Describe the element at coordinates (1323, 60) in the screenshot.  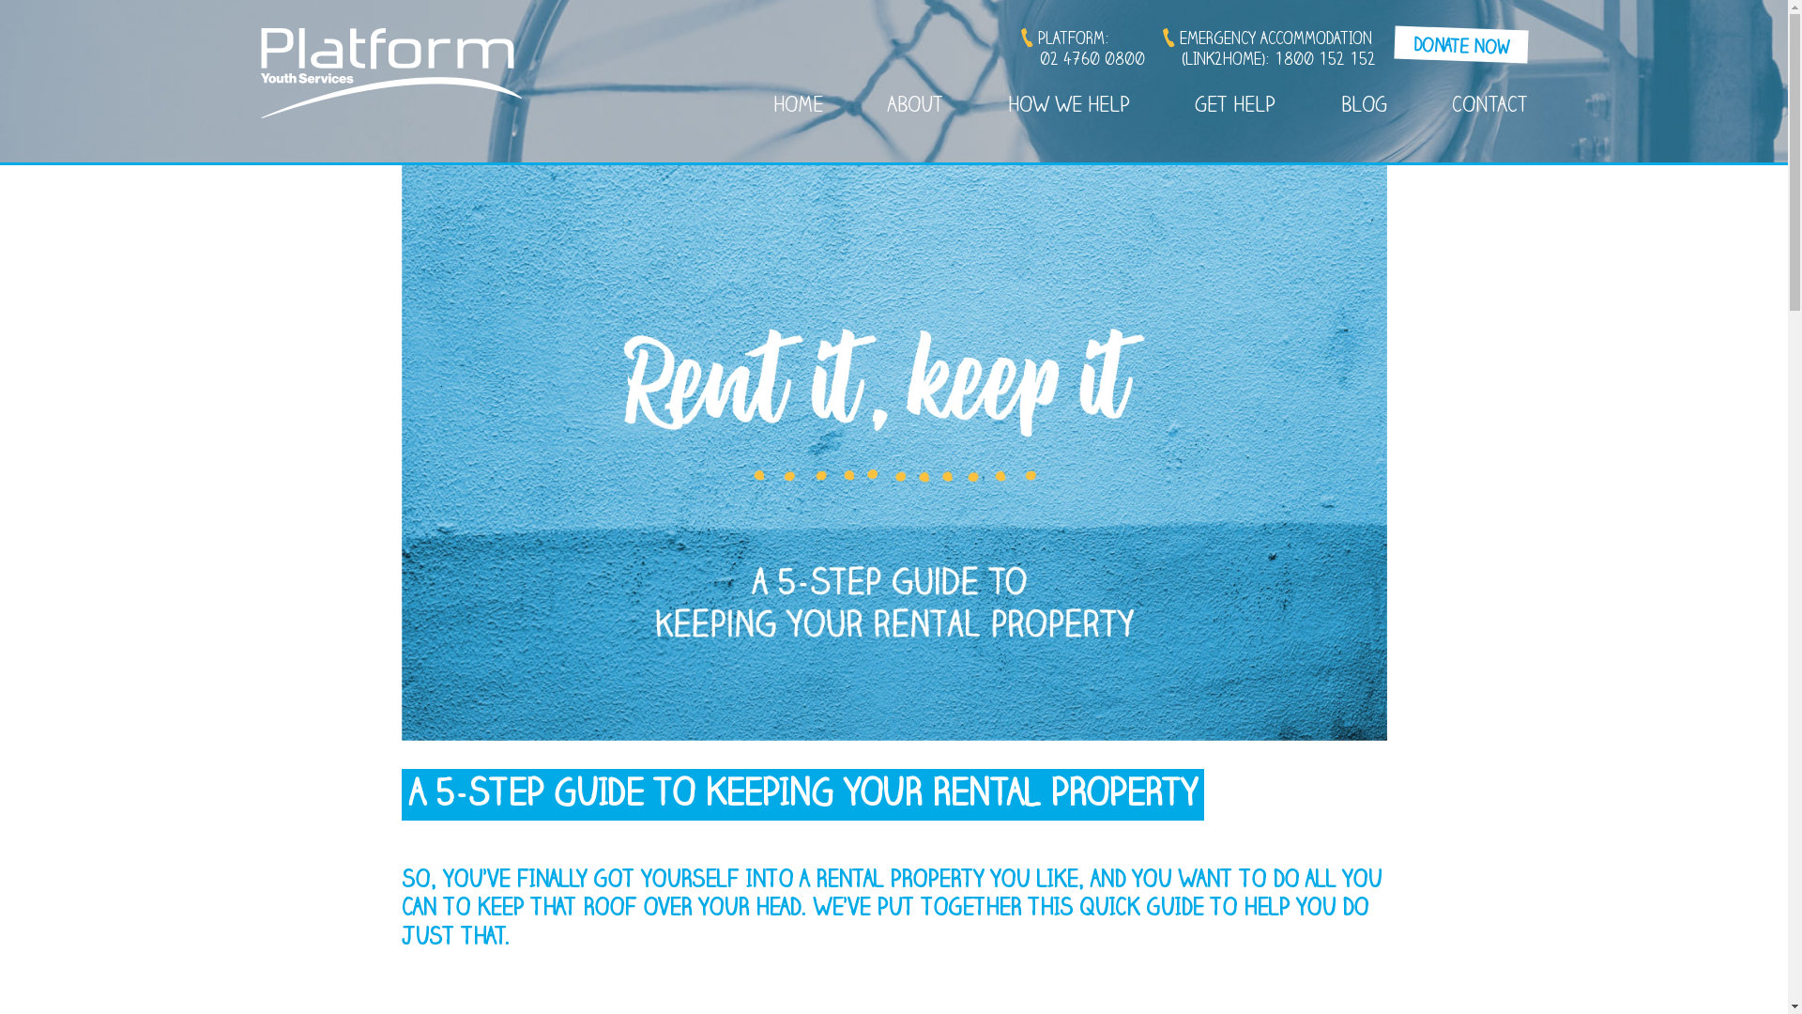
I see `'1800 152 152'` at that location.